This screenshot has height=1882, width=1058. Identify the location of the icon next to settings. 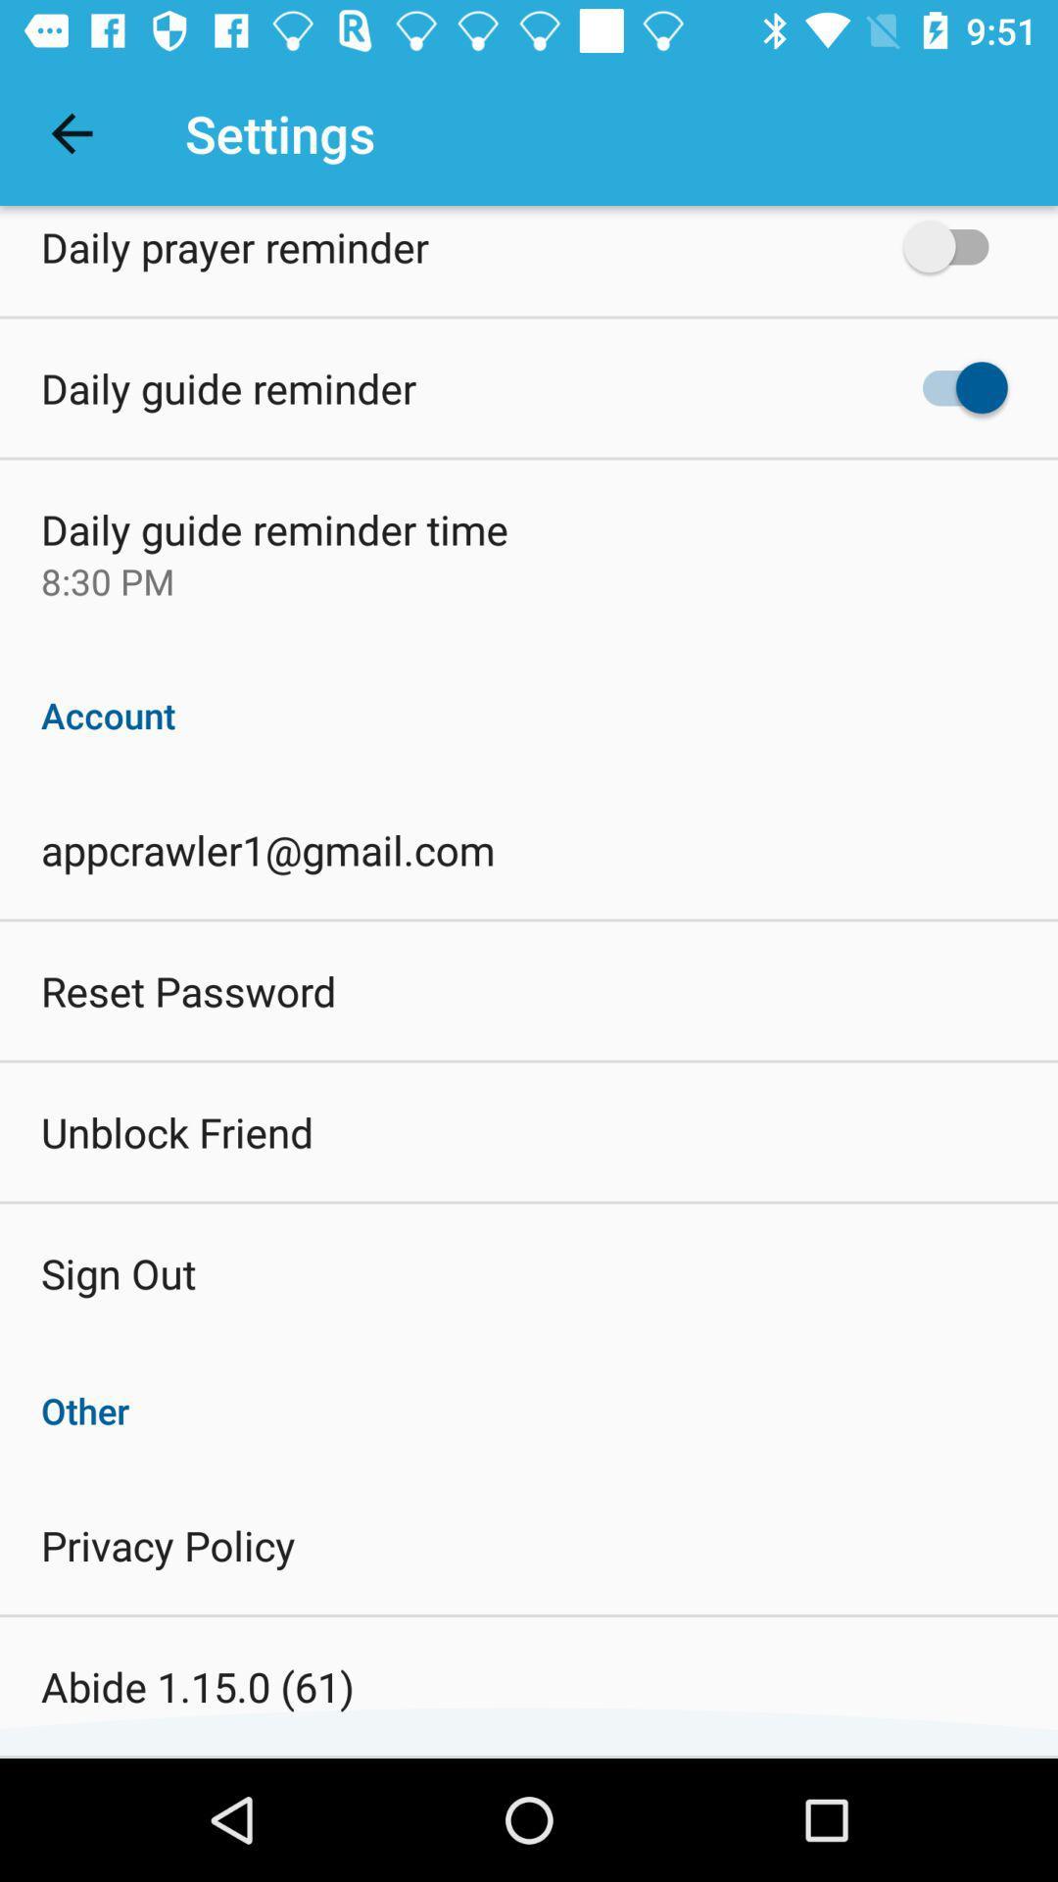
(71, 132).